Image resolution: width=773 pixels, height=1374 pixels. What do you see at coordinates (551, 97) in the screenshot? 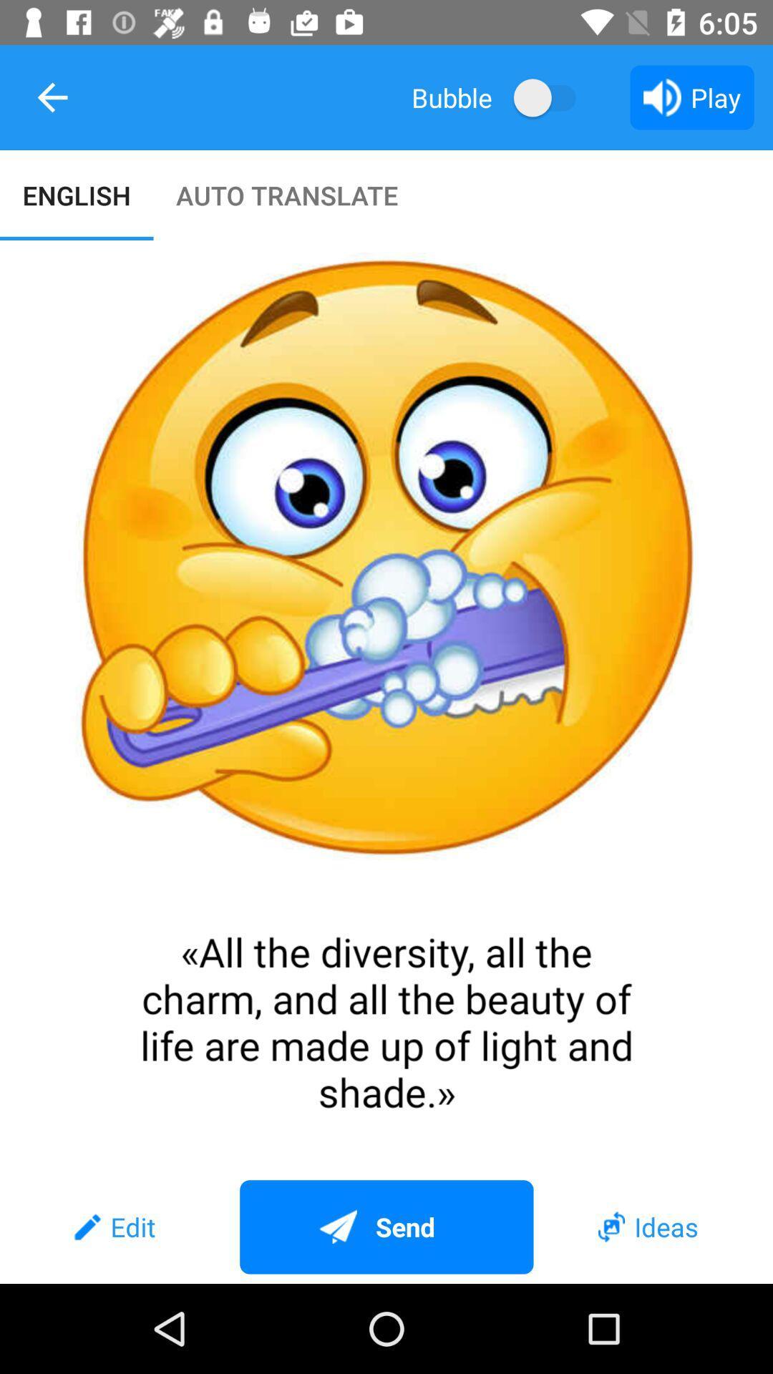
I see `bubble` at bounding box center [551, 97].